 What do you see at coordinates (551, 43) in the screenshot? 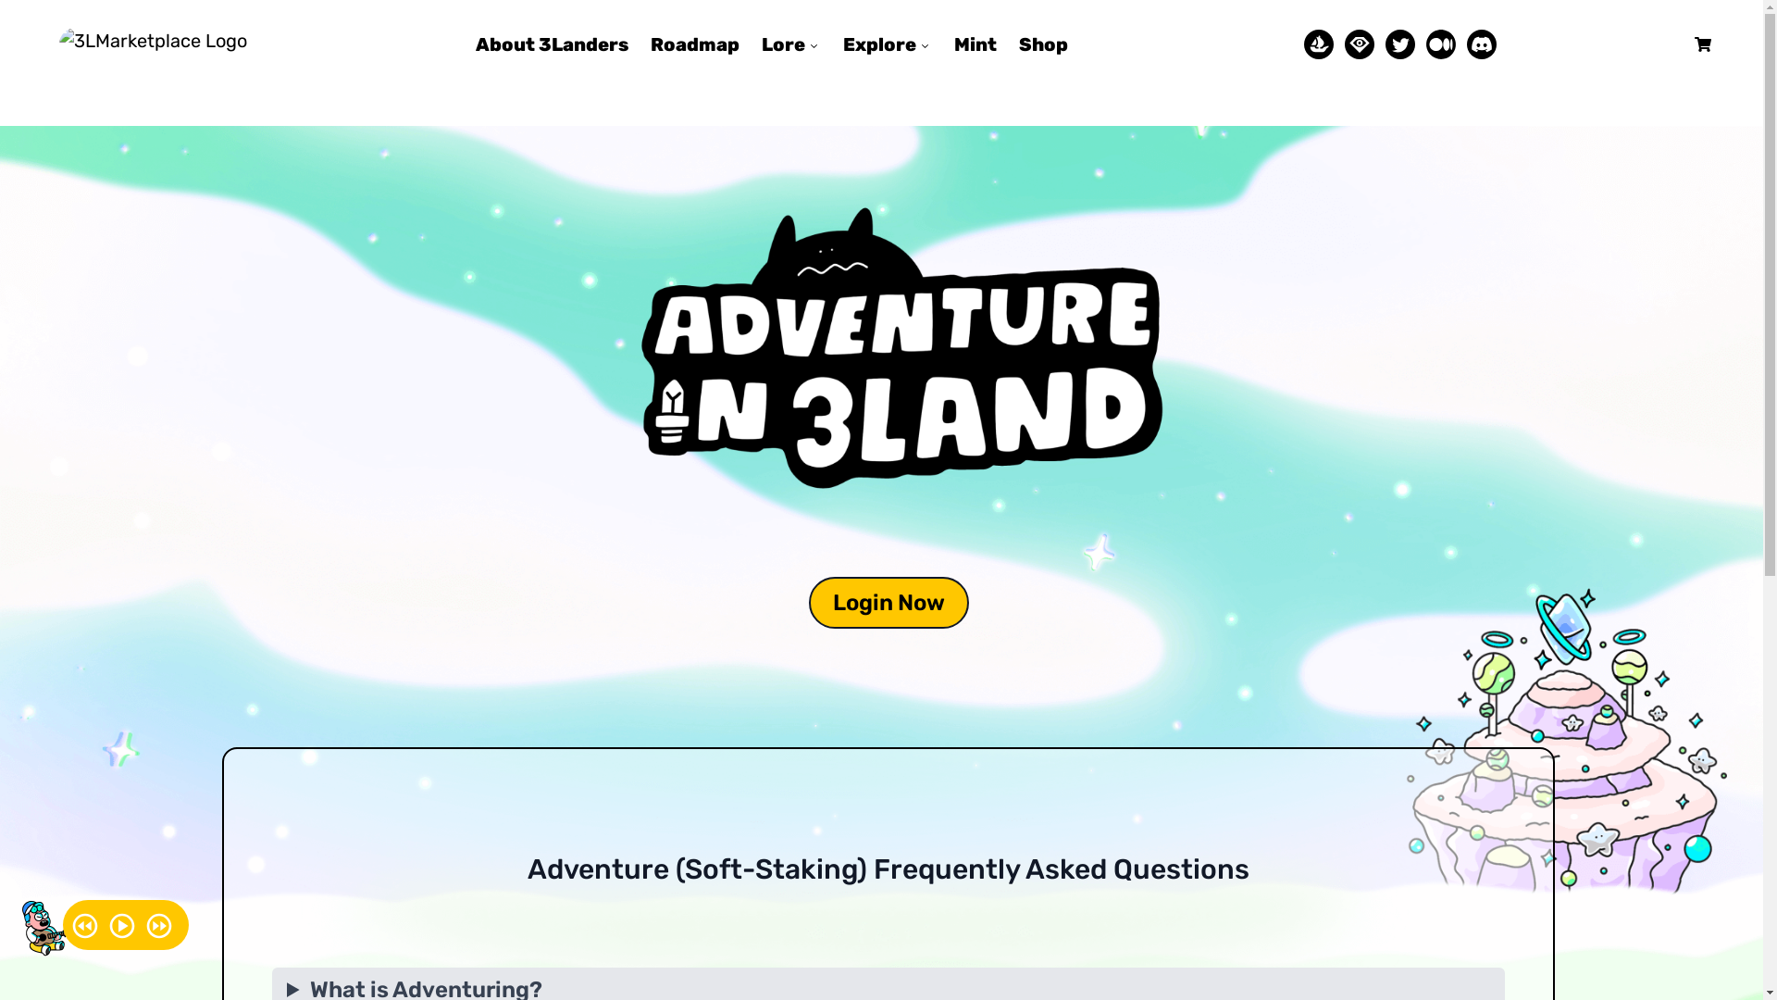
I see `'About 3Landers'` at bounding box center [551, 43].